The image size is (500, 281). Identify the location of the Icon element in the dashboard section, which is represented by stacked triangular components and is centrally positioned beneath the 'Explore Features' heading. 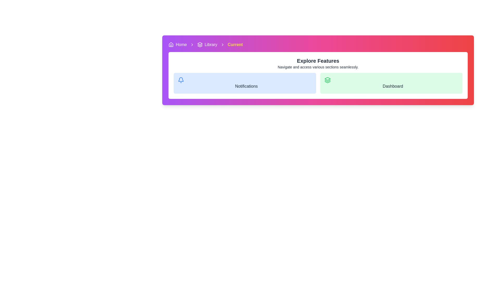
(327, 79).